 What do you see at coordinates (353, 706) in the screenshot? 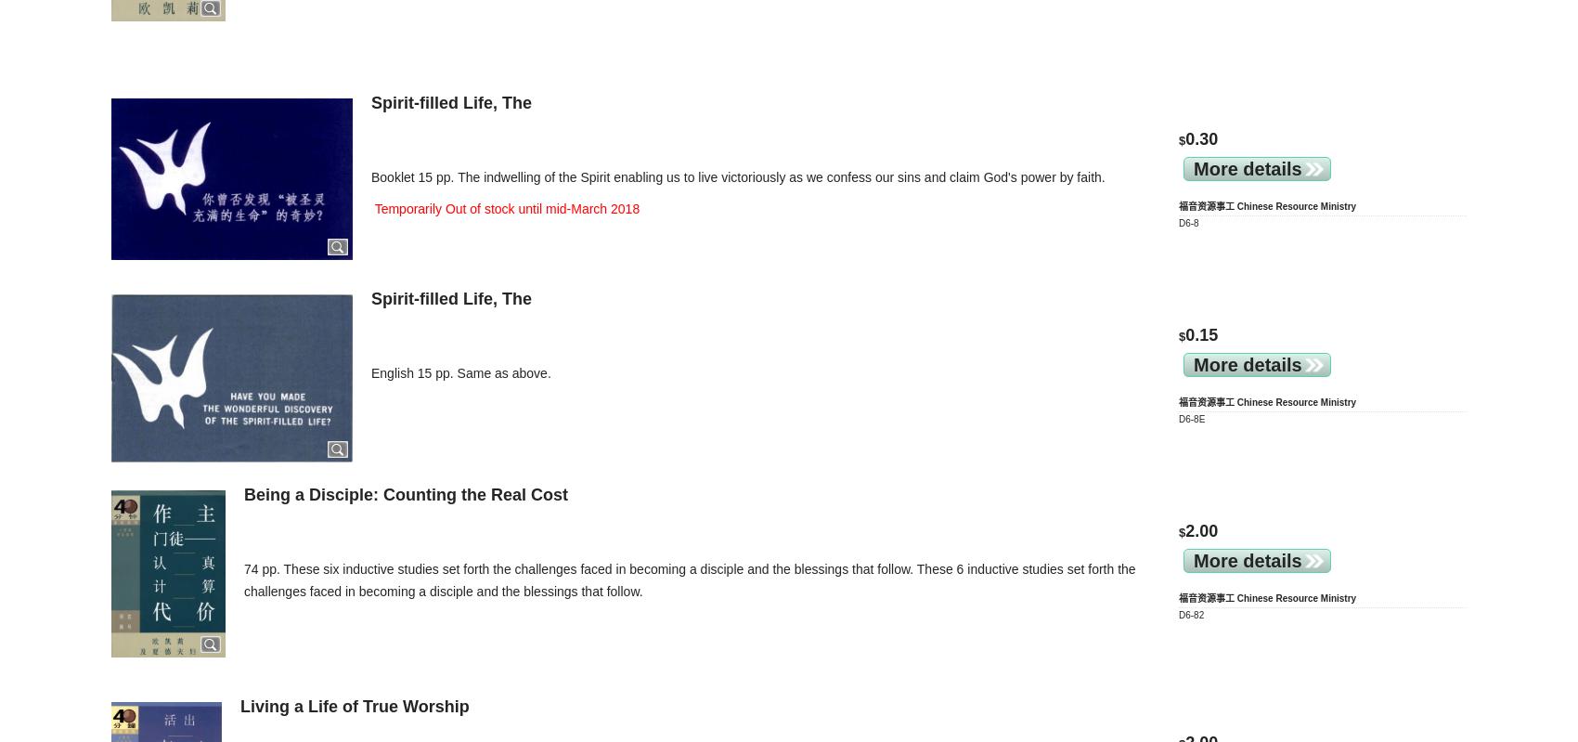
I see `'Living a Life of True Worship'` at bounding box center [353, 706].